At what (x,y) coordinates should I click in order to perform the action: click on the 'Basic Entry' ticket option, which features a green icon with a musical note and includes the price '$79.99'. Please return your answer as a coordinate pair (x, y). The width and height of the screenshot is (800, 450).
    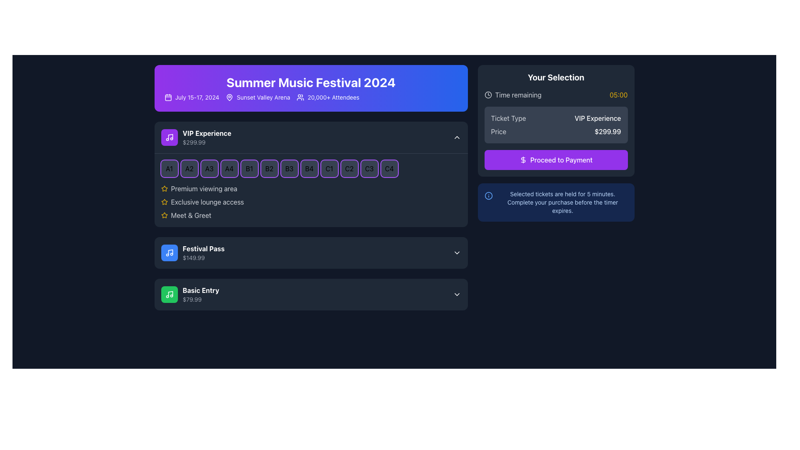
    Looking at the image, I should click on (190, 294).